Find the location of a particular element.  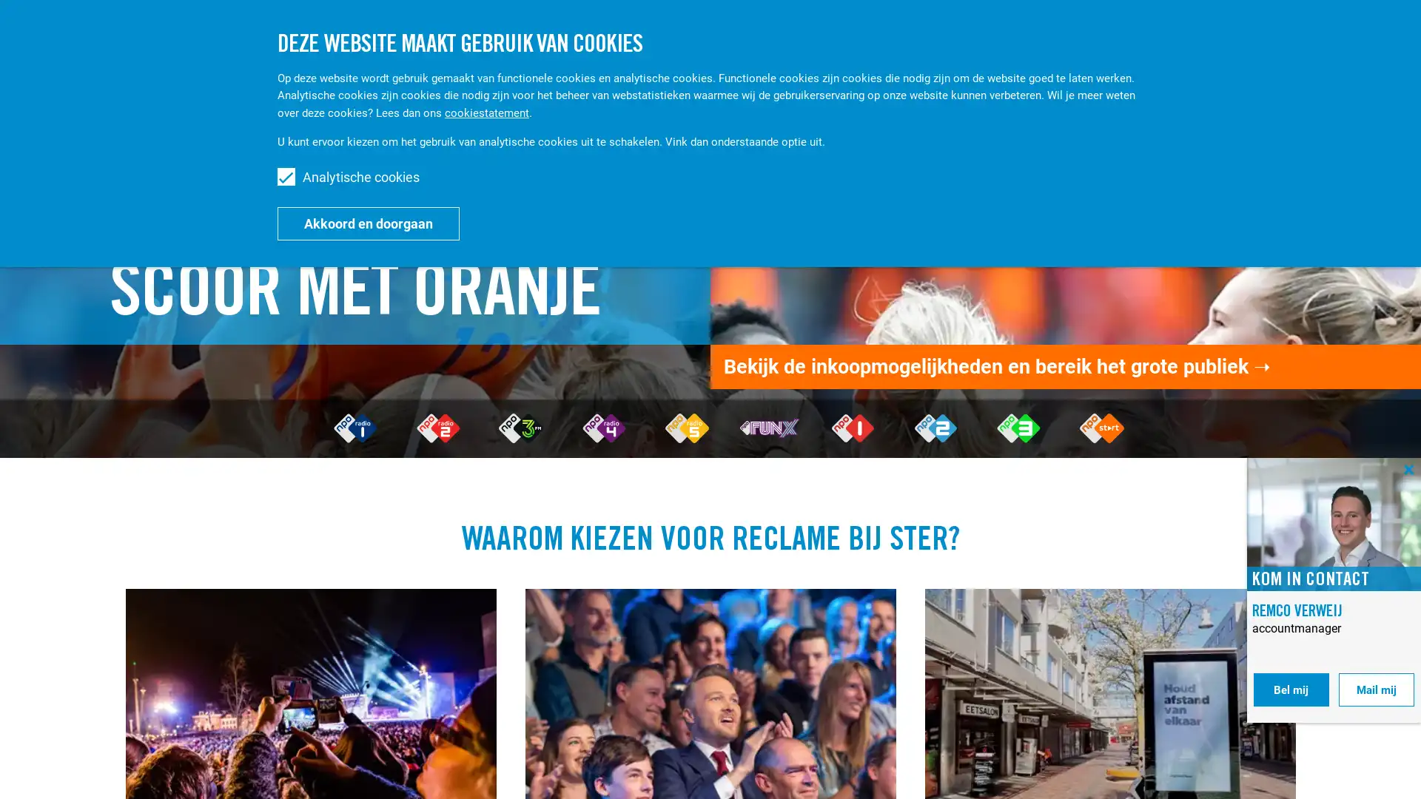

Bel mij is located at coordinates (1290, 690).